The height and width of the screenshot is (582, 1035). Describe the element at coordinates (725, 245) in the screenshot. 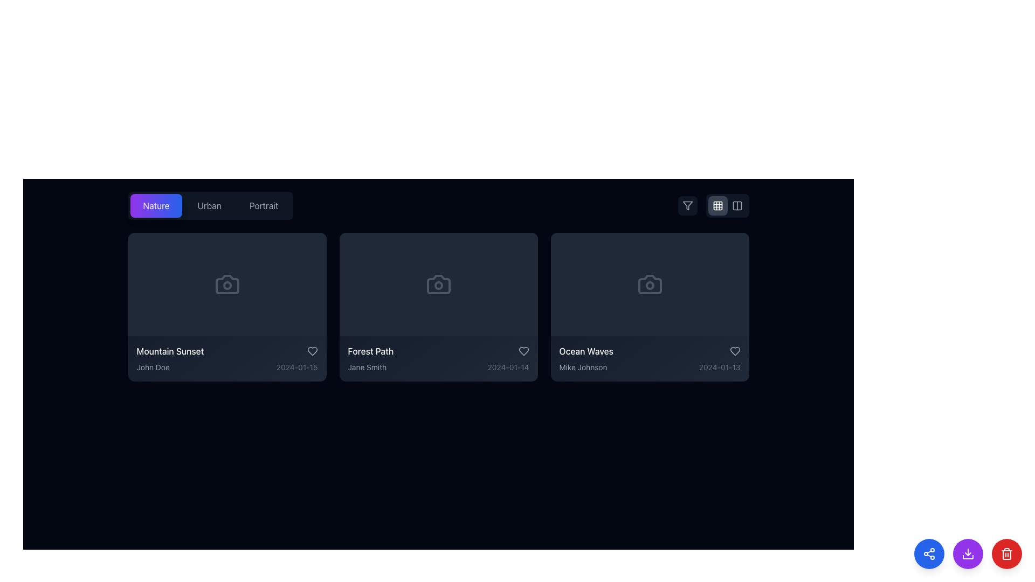

I see `the interactive button-like element located in the top-right corner of the 'Ocean Waves' card, which is the third card in a horizontal row of similar cards` at that location.